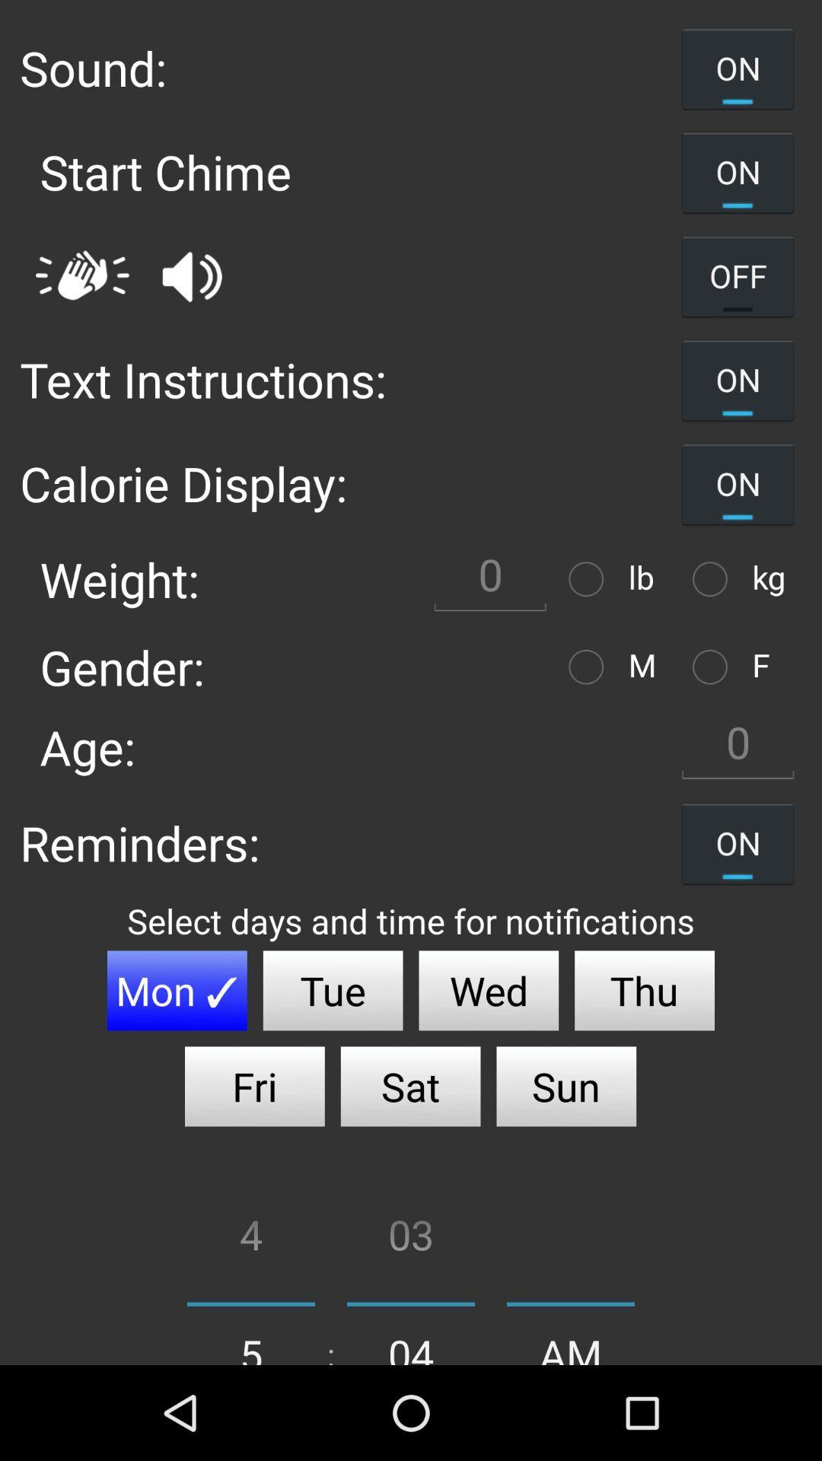 This screenshot has height=1461, width=822. What do you see at coordinates (490, 578) in the screenshot?
I see `weight` at bounding box center [490, 578].